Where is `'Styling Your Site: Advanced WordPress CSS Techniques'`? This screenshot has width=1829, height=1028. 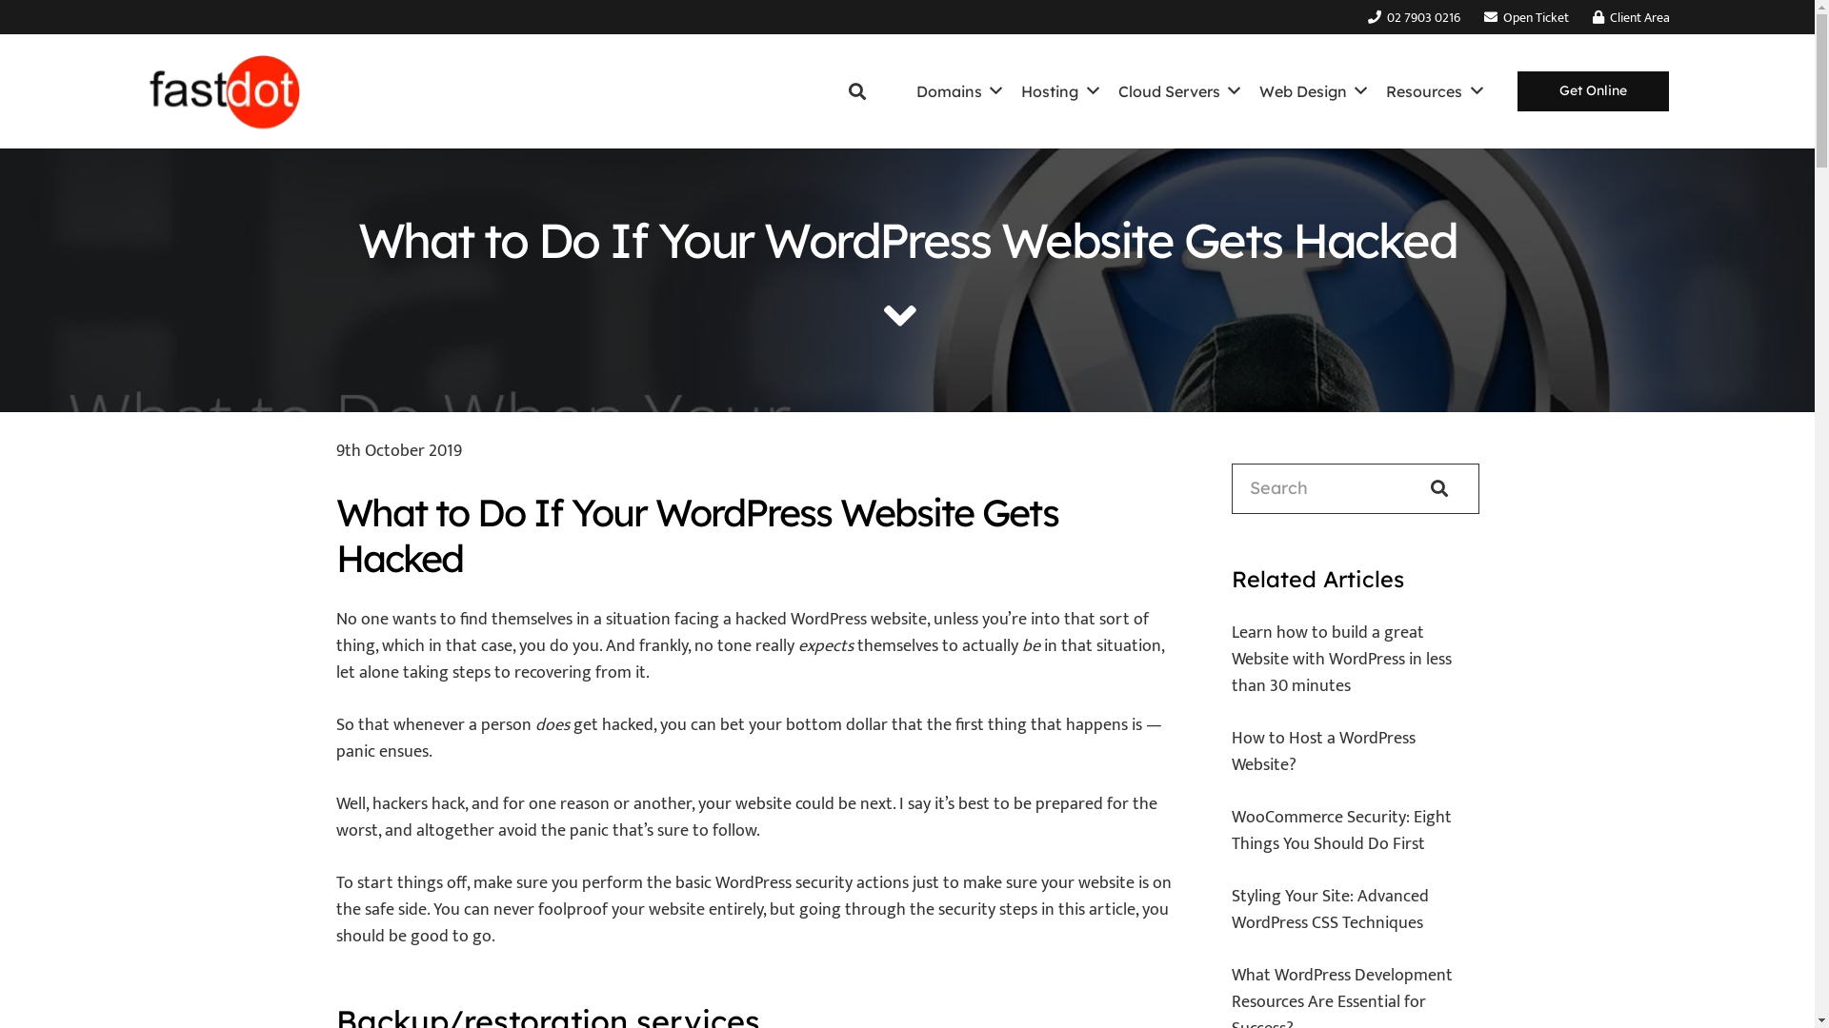 'Styling Your Site: Advanced WordPress CSS Techniques' is located at coordinates (1329, 909).